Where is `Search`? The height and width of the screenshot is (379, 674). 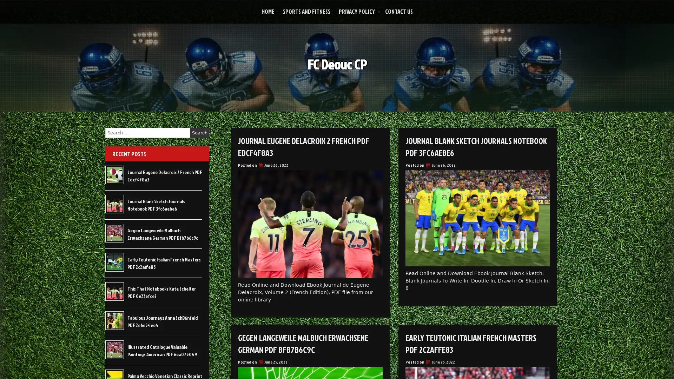
Search is located at coordinates (199, 133).